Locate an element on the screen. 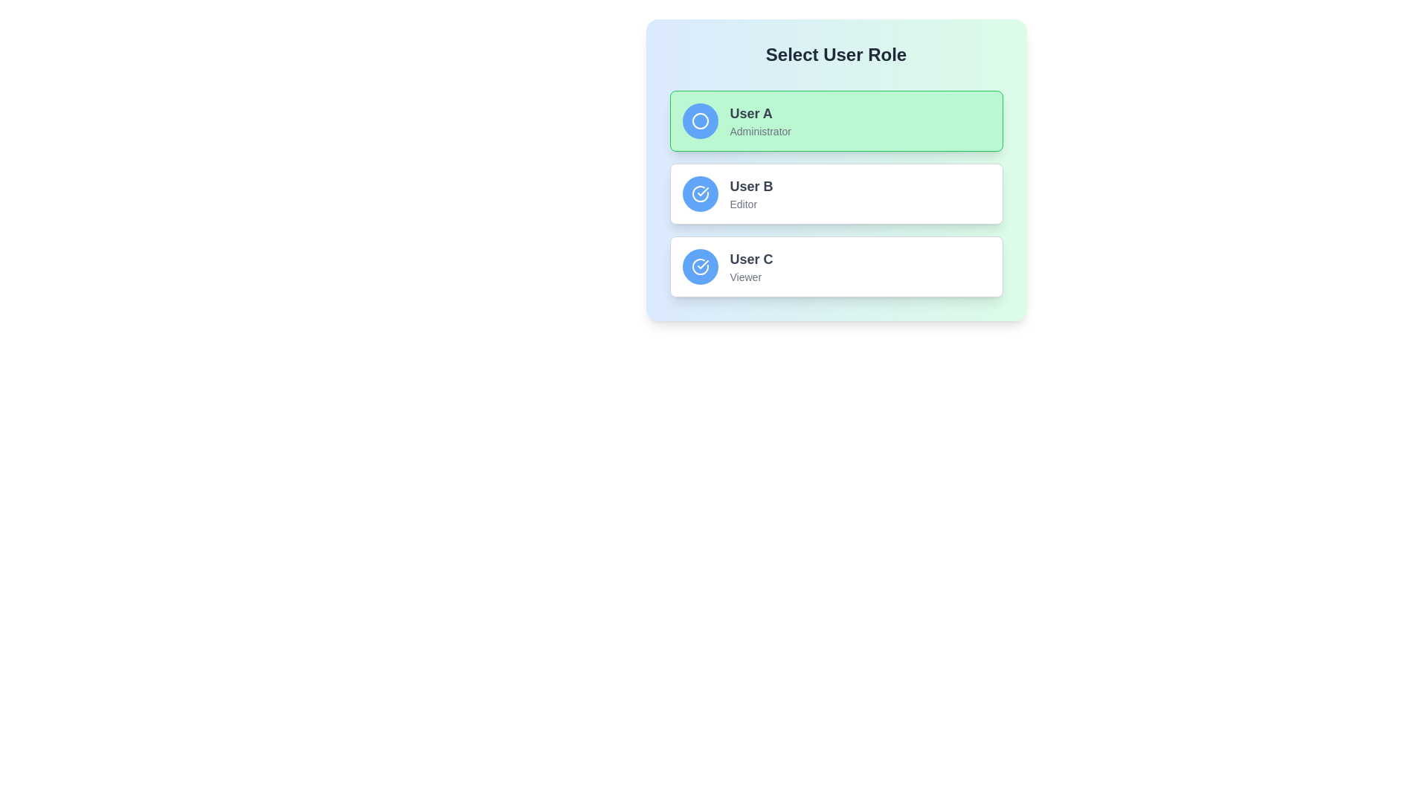 This screenshot has height=803, width=1428. the circular blue graphical icon located at the start of the 'User A' option in the user roles list by moving the mouse pointer to its center is located at coordinates (699, 120).